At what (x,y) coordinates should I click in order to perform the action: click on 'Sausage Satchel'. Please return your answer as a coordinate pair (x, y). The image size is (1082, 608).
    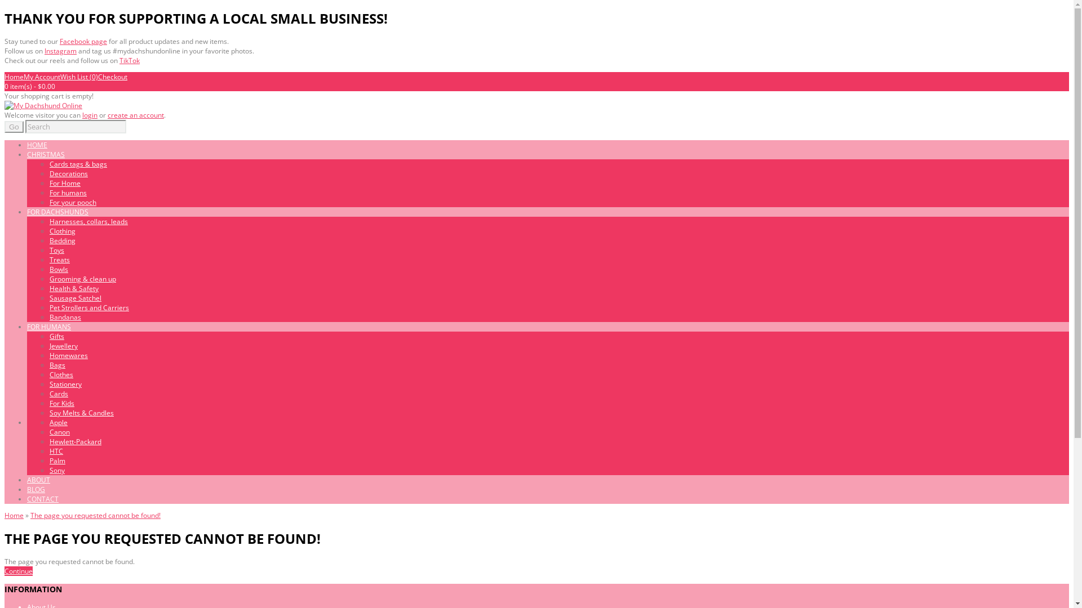
    Looking at the image, I should click on (75, 297).